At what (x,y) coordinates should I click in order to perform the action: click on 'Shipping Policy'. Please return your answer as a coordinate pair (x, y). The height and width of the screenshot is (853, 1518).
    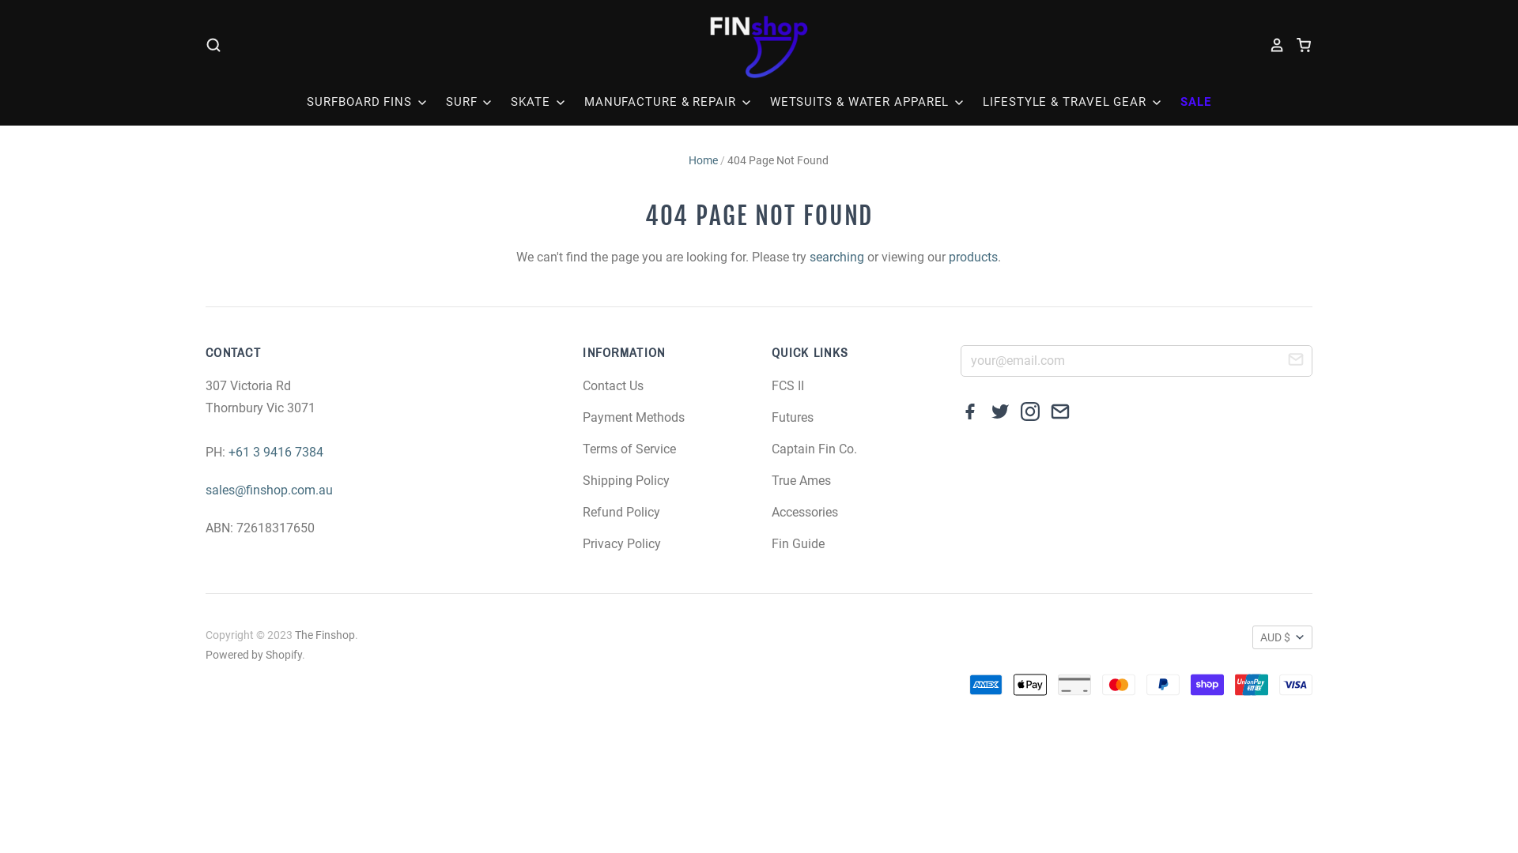
    Looking at the image, I should click on (625, 479).